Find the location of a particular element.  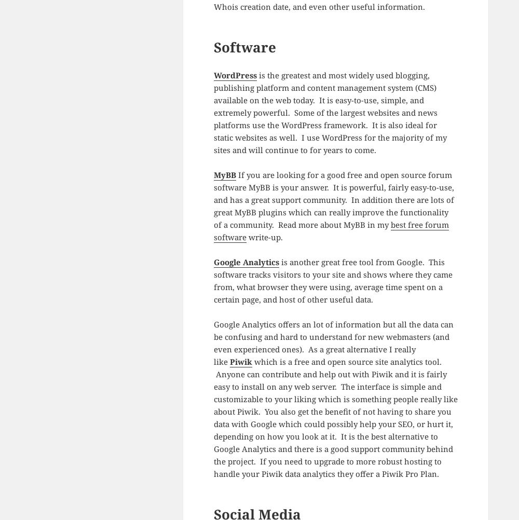

'Google Analytics offers an lot of information but all the data can be confusing and hard to understand for new webmasters (and even experienced ones).  As a great alternative I really like' is located at coordinates (333, 342).